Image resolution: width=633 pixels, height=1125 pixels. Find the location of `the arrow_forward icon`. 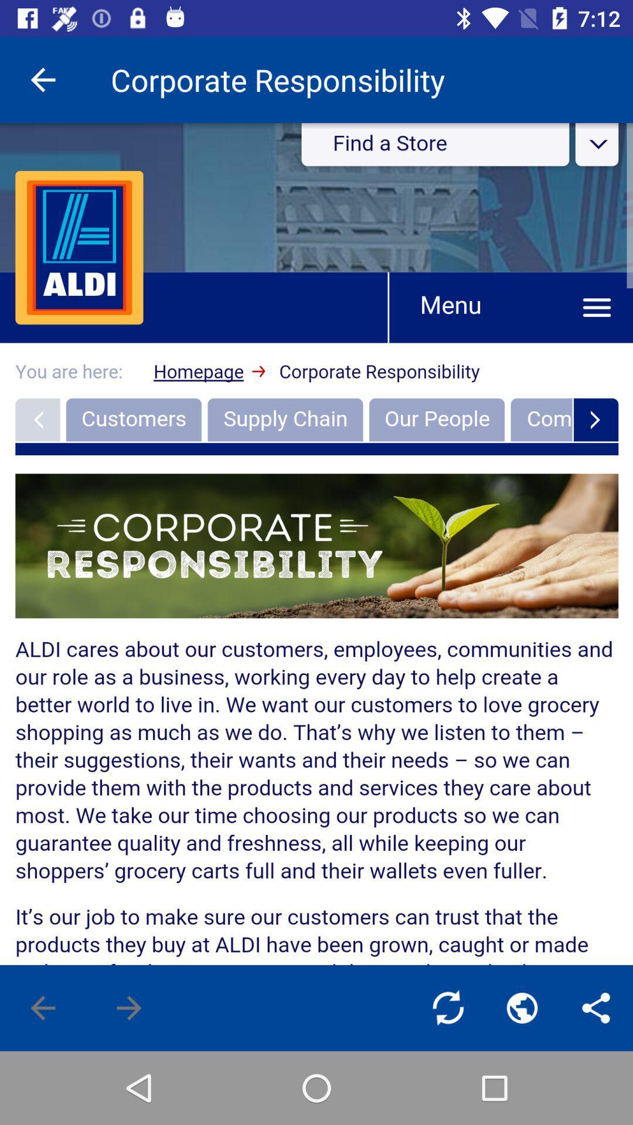

the arrow_forward icon is located at coordinates (129, 1007).